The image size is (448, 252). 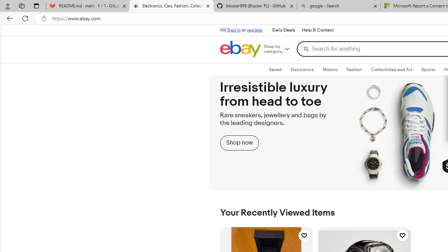 What do you see at coordinates (254, 30) in the screenshot?
I see `'register'` at bounding box center [254, 30].